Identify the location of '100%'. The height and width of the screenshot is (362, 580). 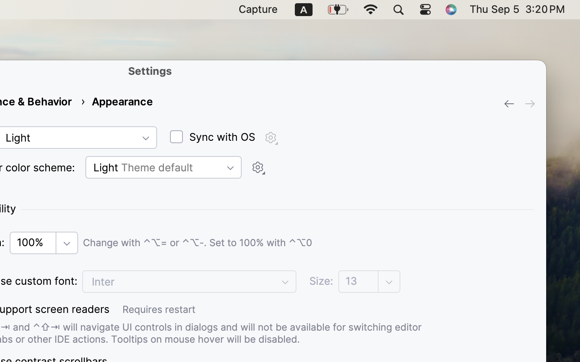
(44, 243).